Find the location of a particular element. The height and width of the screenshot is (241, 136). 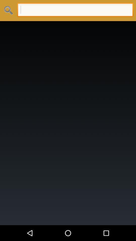

search is located at coordinates (75, 10).